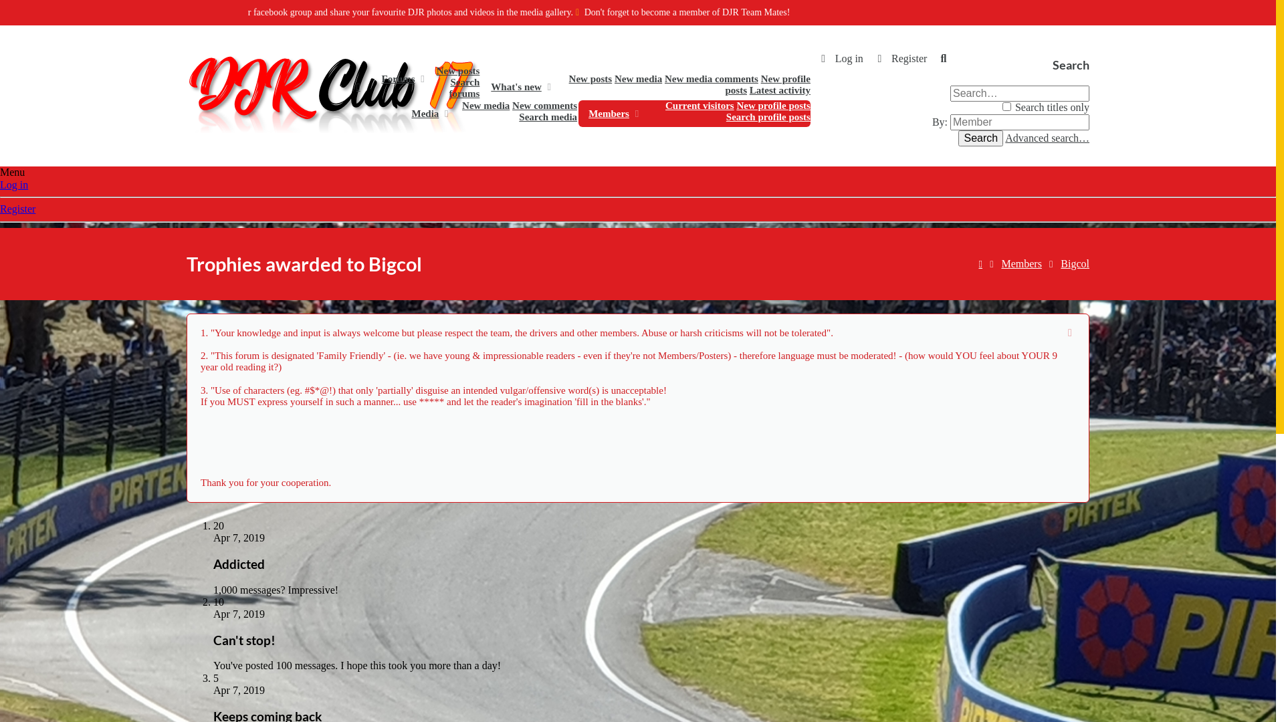 This screenshot has height=722, width=1284. I want to click on 'Current visitors', so click(699, 105).